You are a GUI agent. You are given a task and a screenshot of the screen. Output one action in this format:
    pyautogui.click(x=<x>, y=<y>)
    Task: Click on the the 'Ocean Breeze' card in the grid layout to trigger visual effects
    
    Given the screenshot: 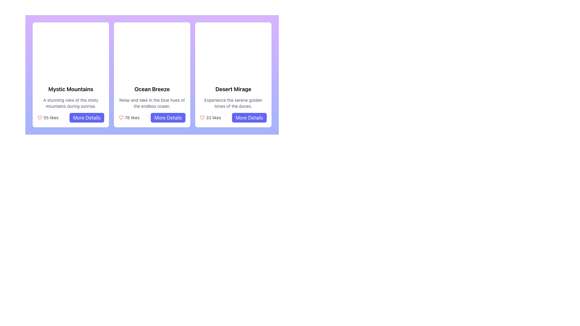 What is the action you would take?
    pyautogui.click(x=152, y=74)
    